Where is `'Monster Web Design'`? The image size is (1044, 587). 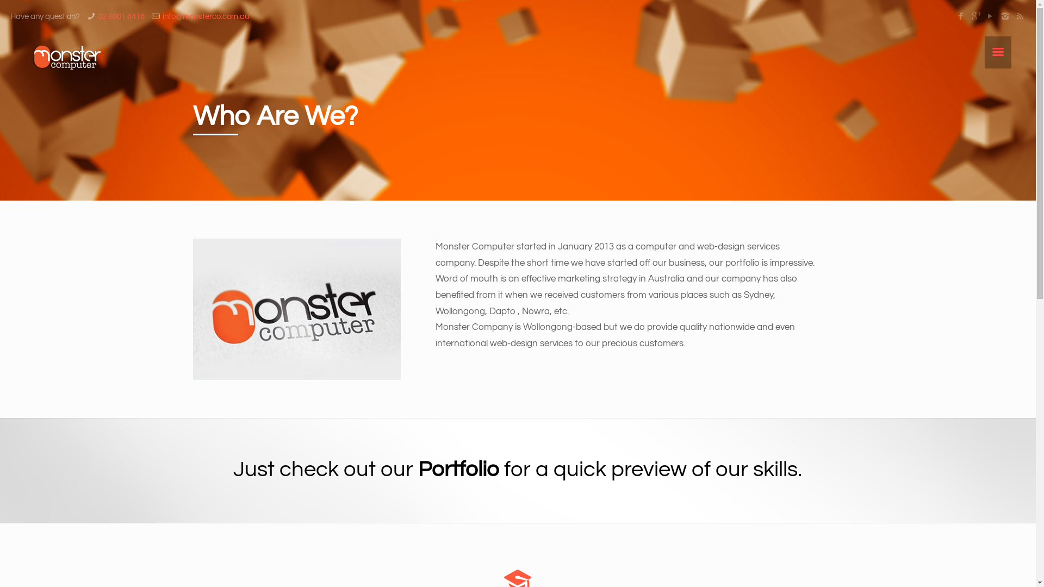
'Monster Web Design' is located at coordinates (66, 57).